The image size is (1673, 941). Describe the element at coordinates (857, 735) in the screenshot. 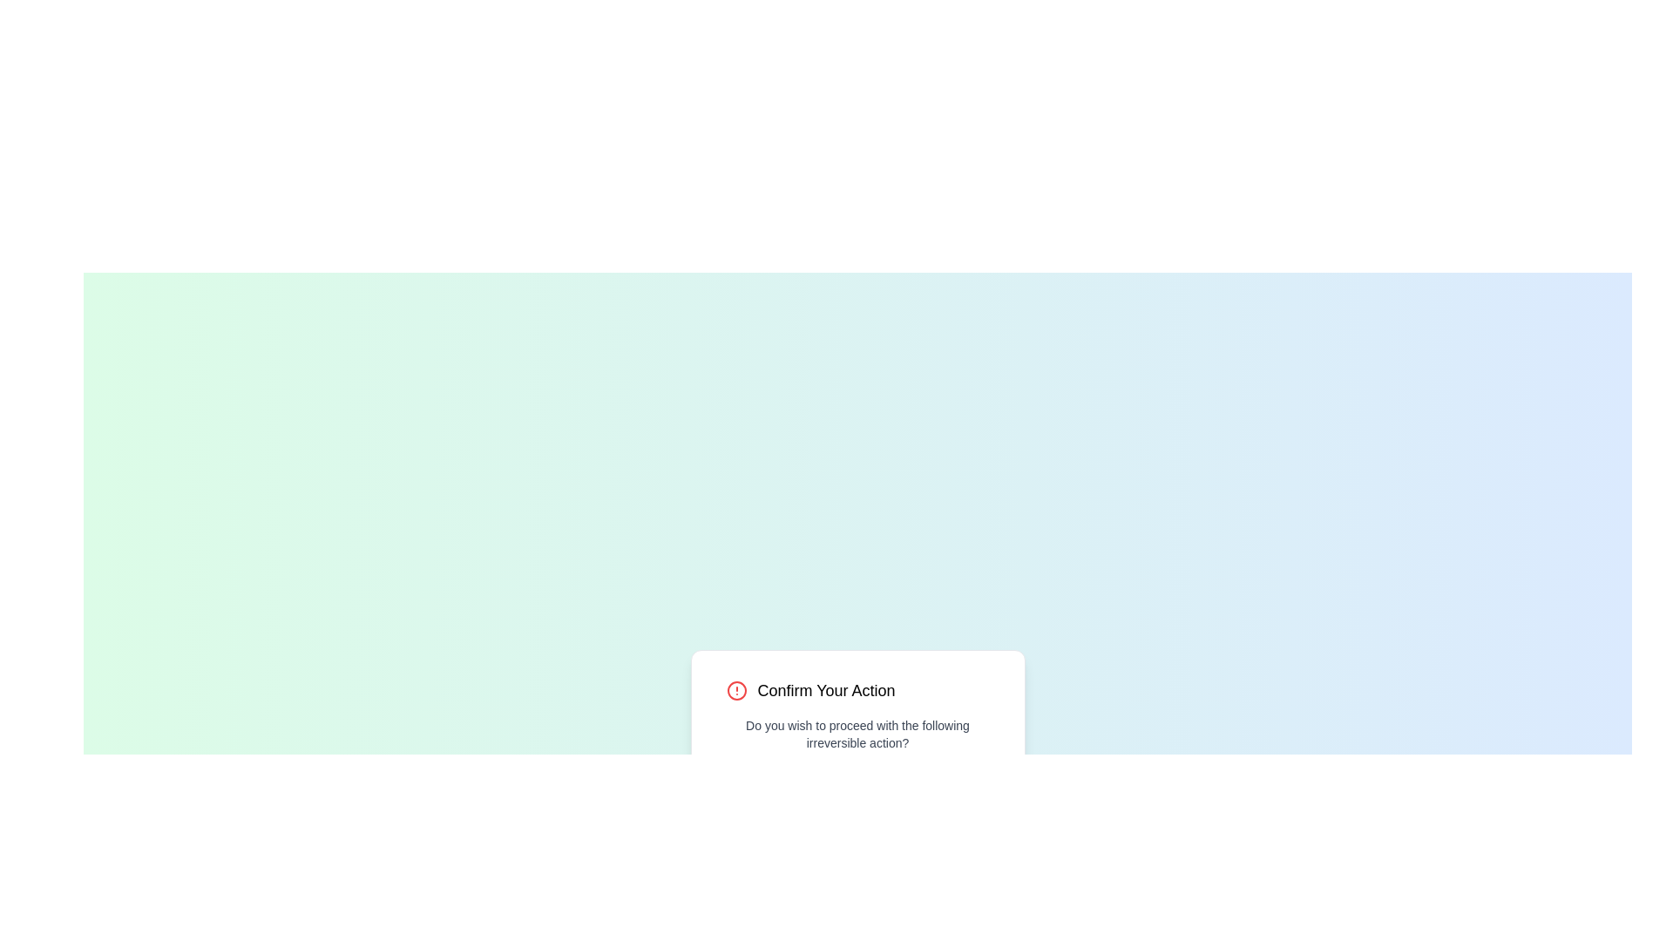

I see `the text label that prompts 'Do you wish to proceed with the following irreversible action?' located below the title 'Confirm Your Action' in the dialog box` at that location.